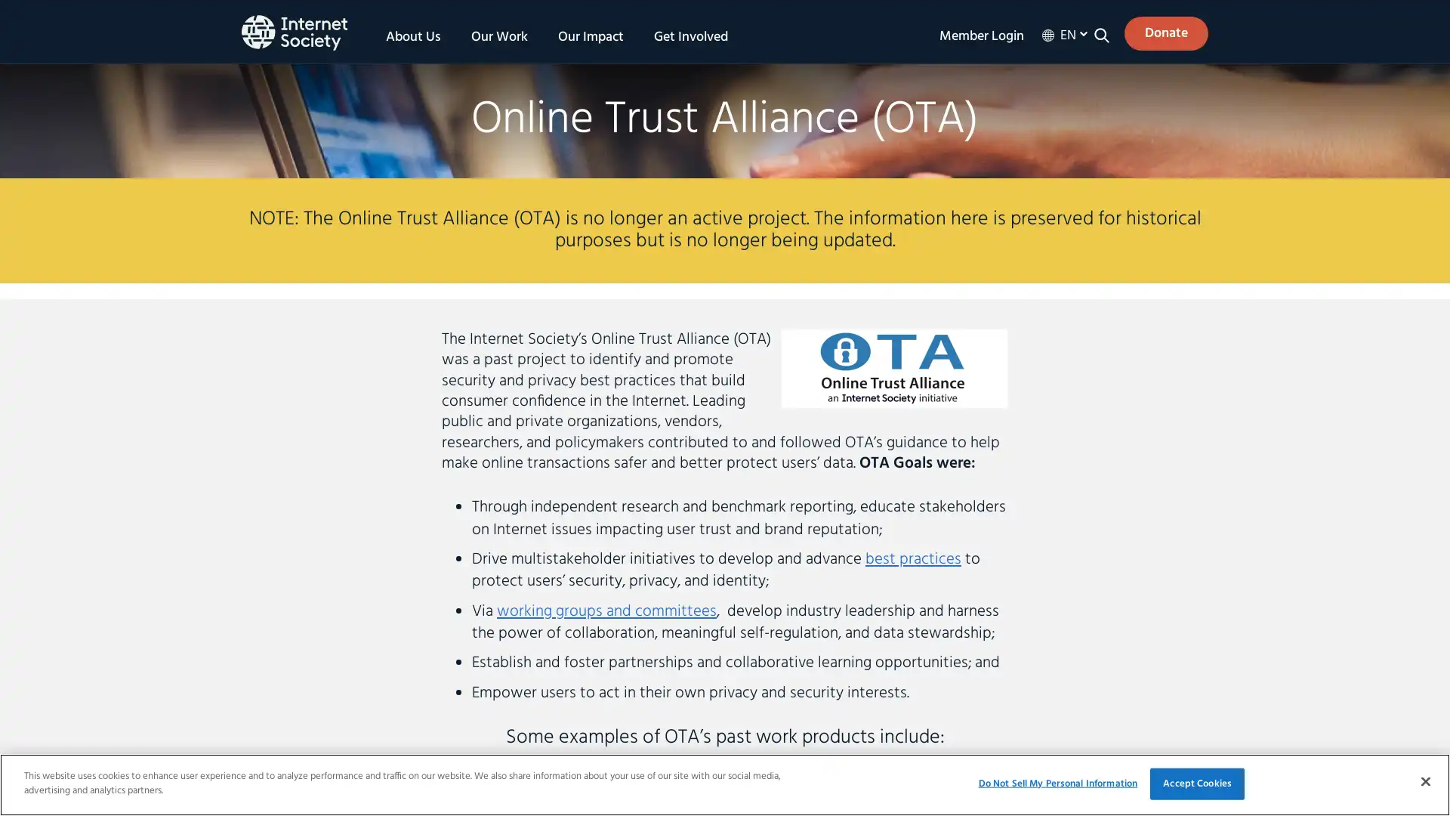 This screenshot has height=816, width=1450. What do you see at coordinates (1057, 783) in the screenshot?
I see `Do Not Sell My Personal Information` at bounding box center [1057, 783].